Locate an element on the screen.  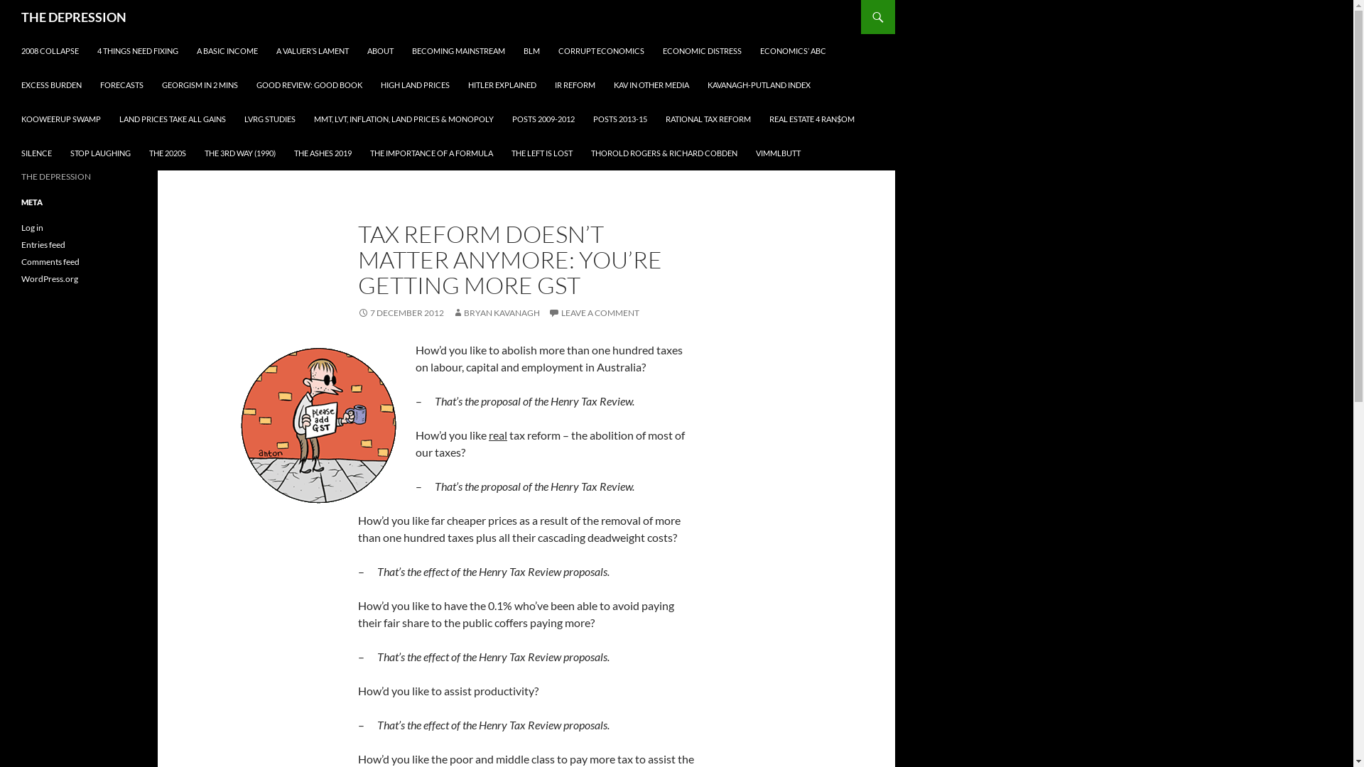
'EXCESS BURDEN' is located at coordinates (51, 85).